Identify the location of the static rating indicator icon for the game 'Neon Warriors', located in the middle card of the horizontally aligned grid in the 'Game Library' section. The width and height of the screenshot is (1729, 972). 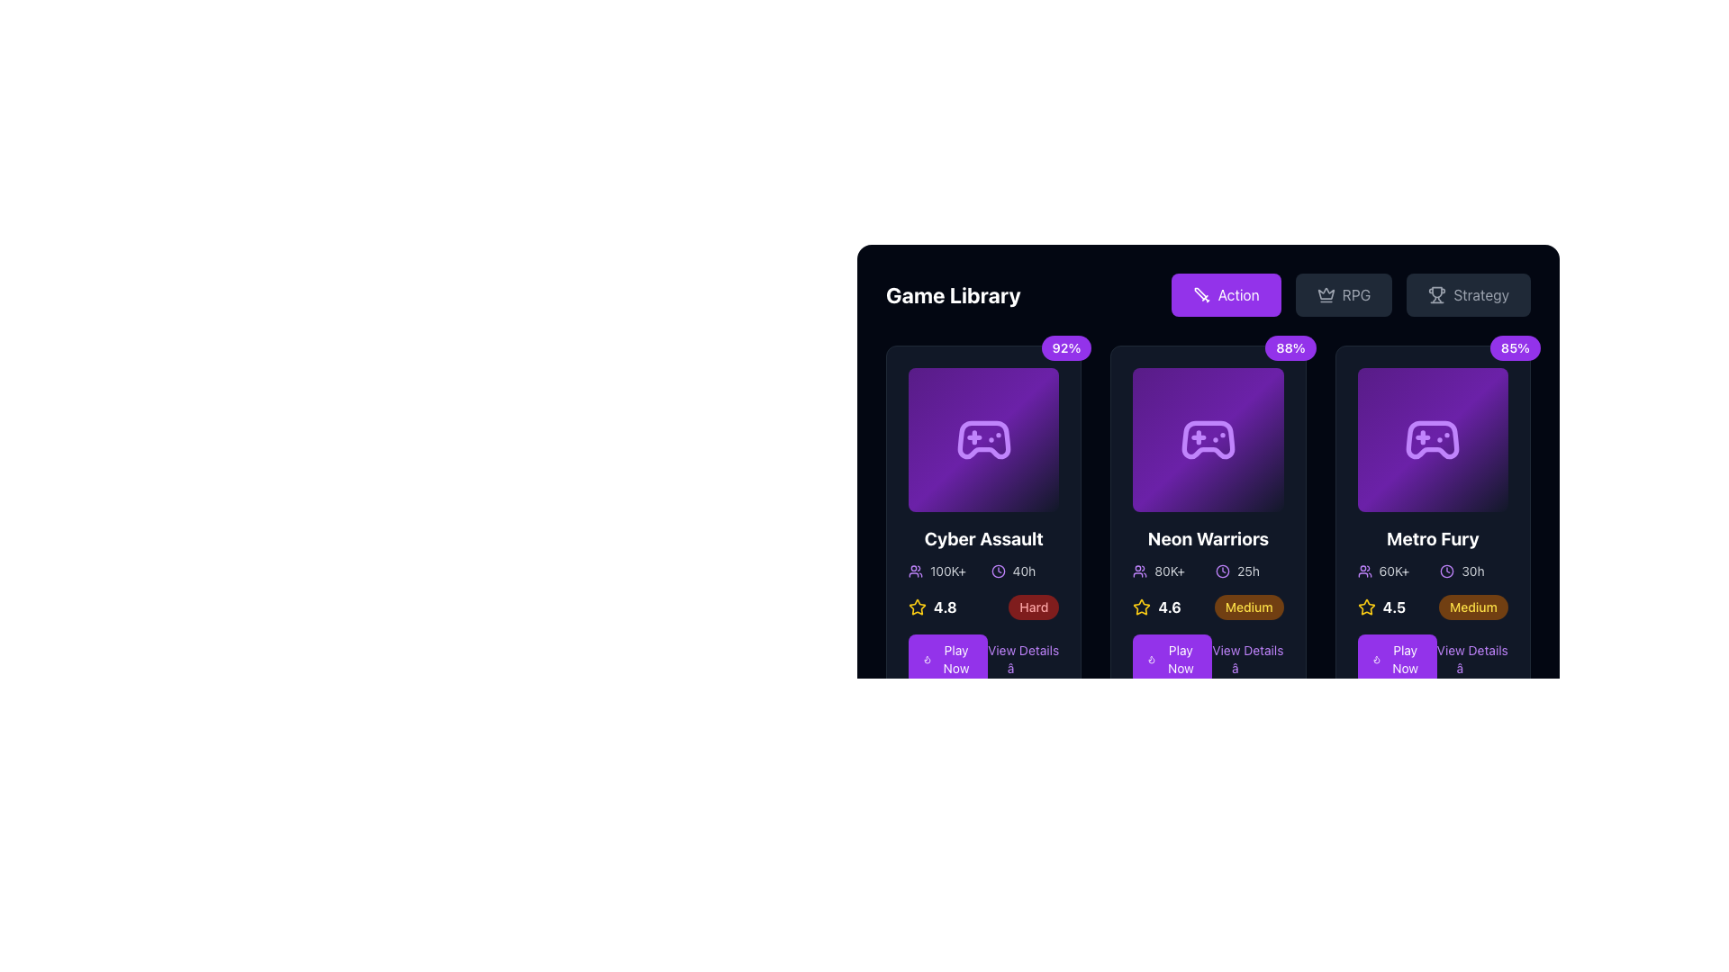
(1141, 607).